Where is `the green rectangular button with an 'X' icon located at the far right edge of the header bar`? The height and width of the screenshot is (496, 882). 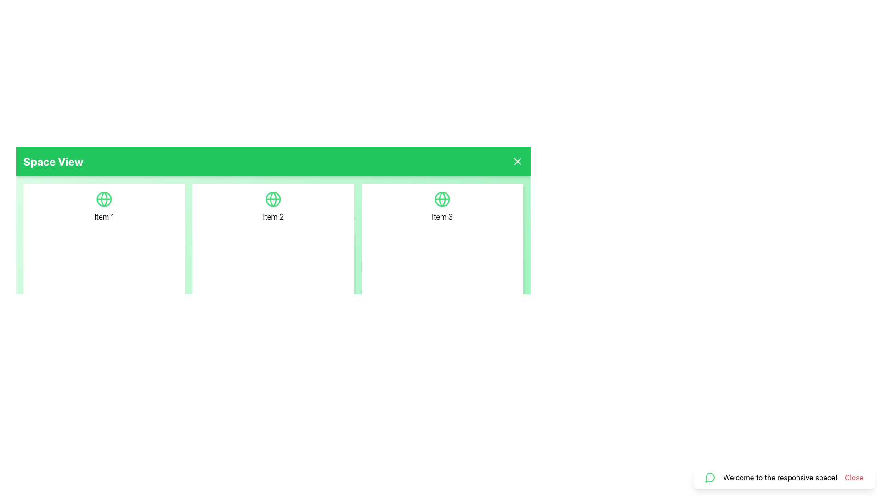
the green rectangular button with an 'X' icon located at the far right edge of the header bar is located at coordinates (518, 161).